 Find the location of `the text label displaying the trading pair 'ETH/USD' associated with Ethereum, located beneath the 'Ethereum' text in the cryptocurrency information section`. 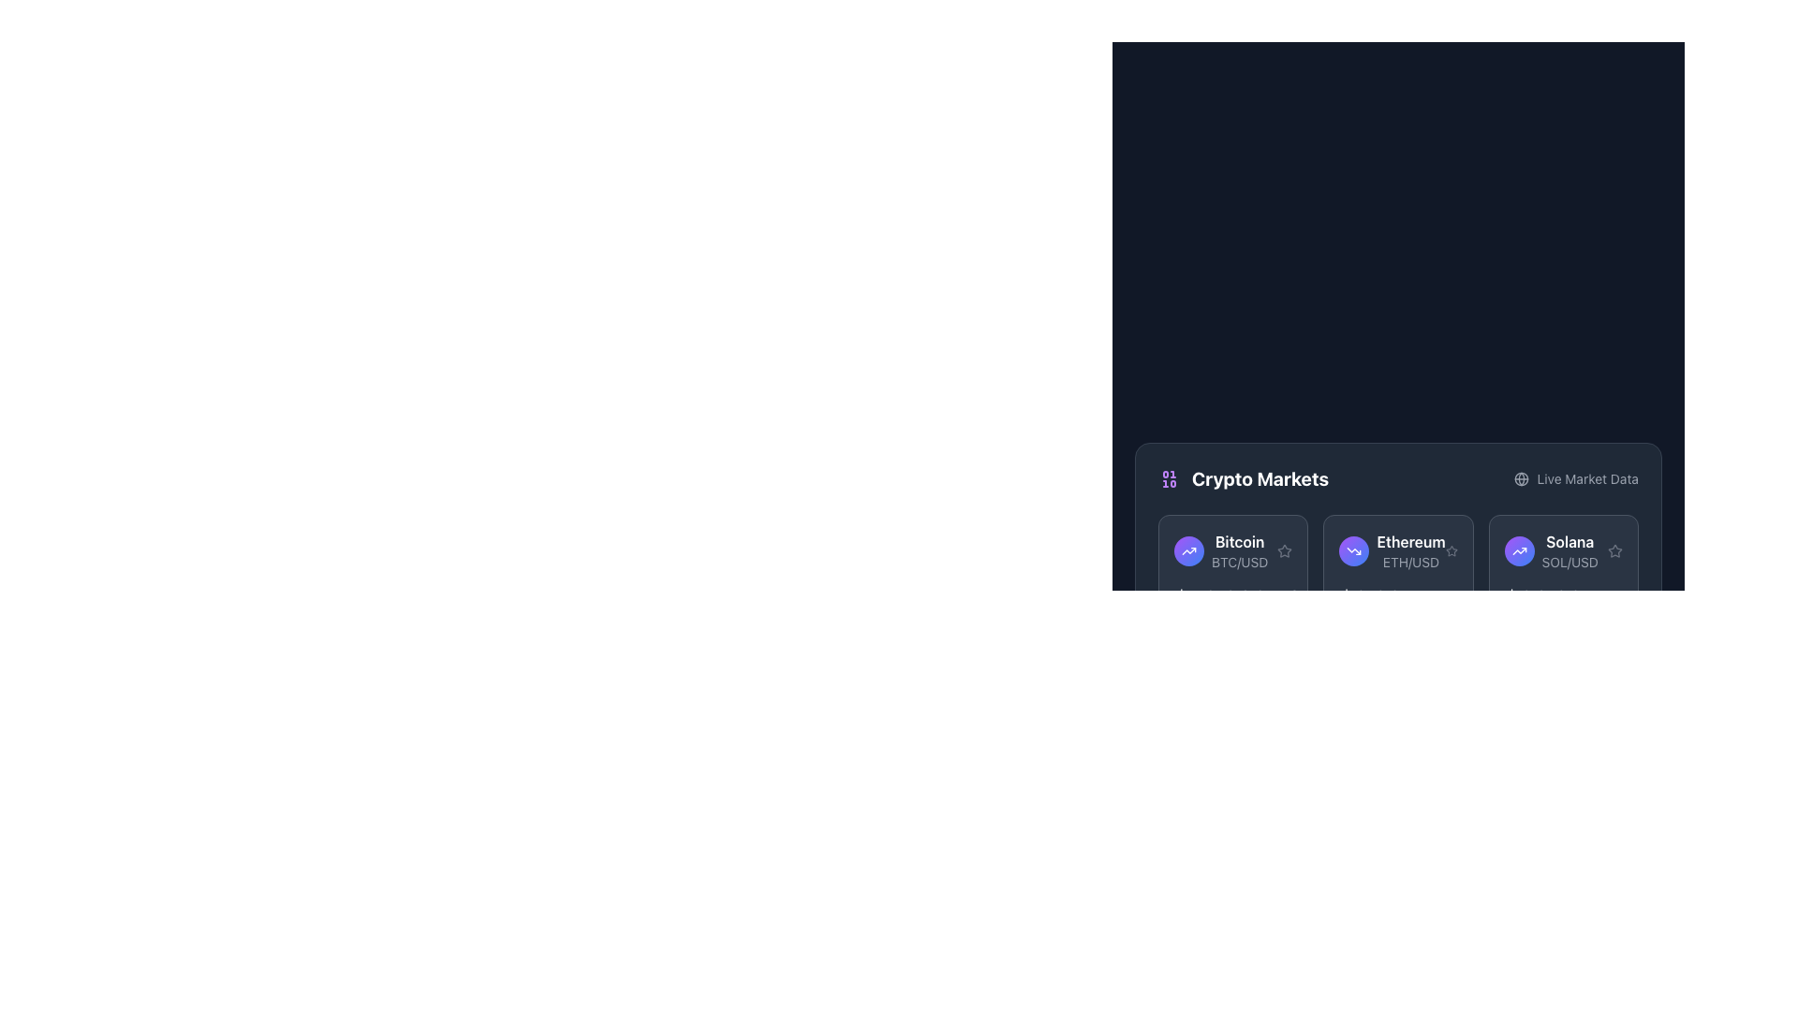

the text label displaying the trading pair 'ETH/USD' associated with Ethereum, located beneath the 'Ethereum' text in the cryptocurrency information section is located at coordinates (1411, 562).